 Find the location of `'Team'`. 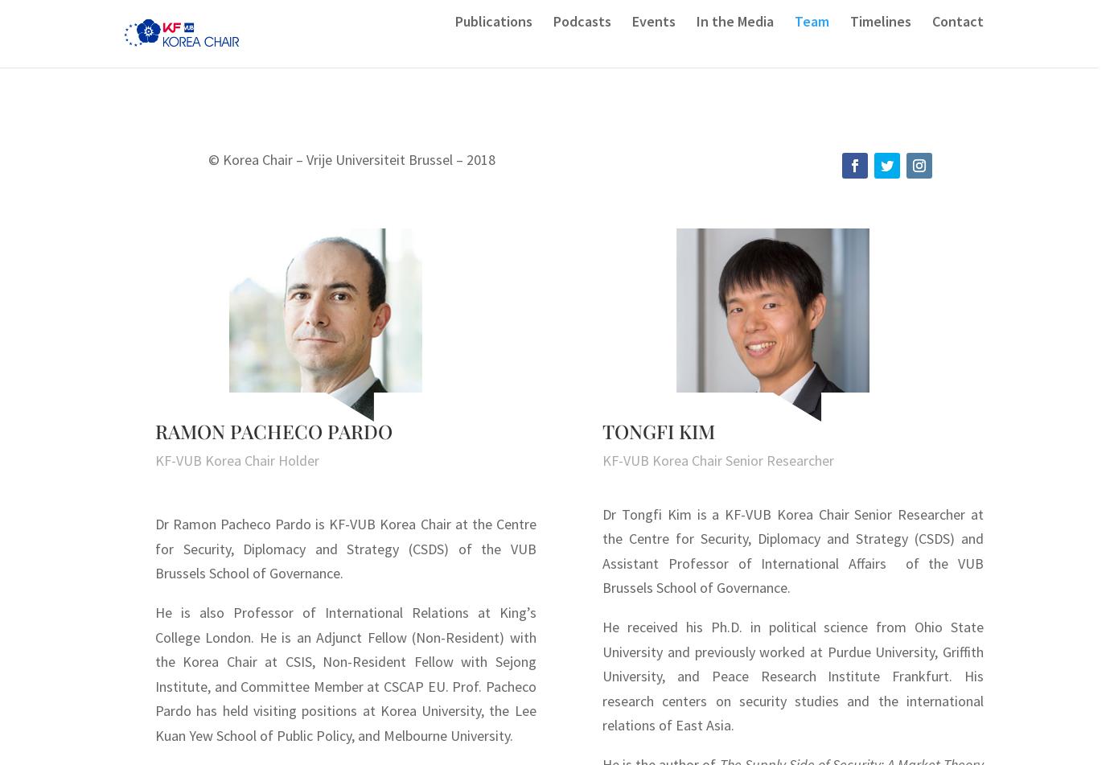

'Team' is located at coordinates (811, 45).